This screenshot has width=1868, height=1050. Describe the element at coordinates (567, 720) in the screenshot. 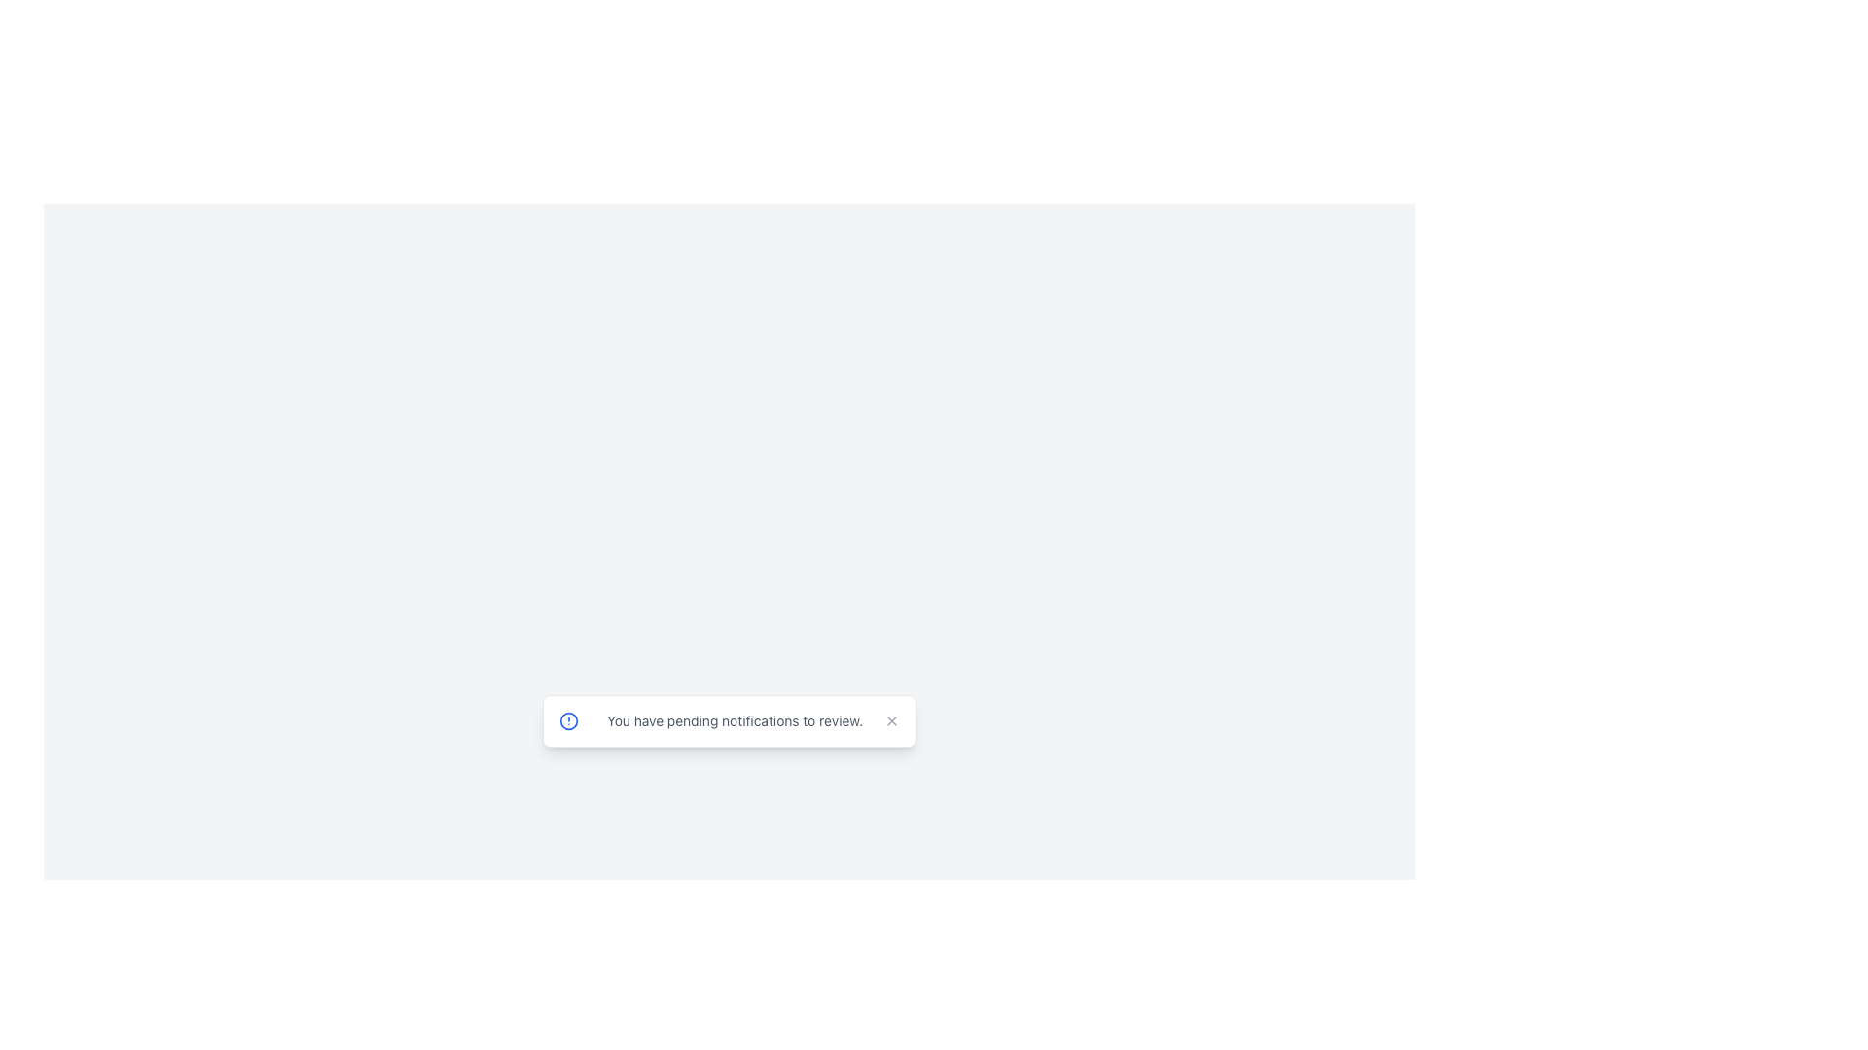

I see `the SVG circle notification icon indicating alerts or status updates, positioned to the left of the text 'You have pending notifications to review.'` at that location.